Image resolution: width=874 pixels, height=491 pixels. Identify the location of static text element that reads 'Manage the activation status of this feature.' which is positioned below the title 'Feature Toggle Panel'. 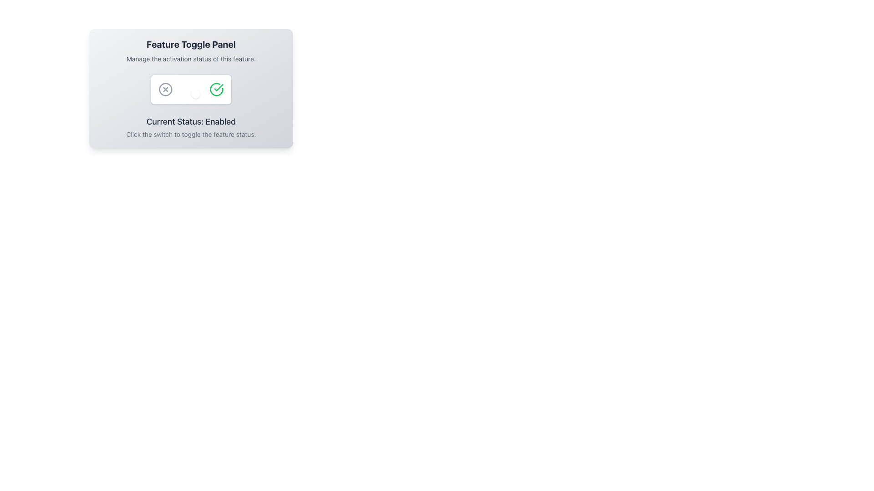
(190, 59).